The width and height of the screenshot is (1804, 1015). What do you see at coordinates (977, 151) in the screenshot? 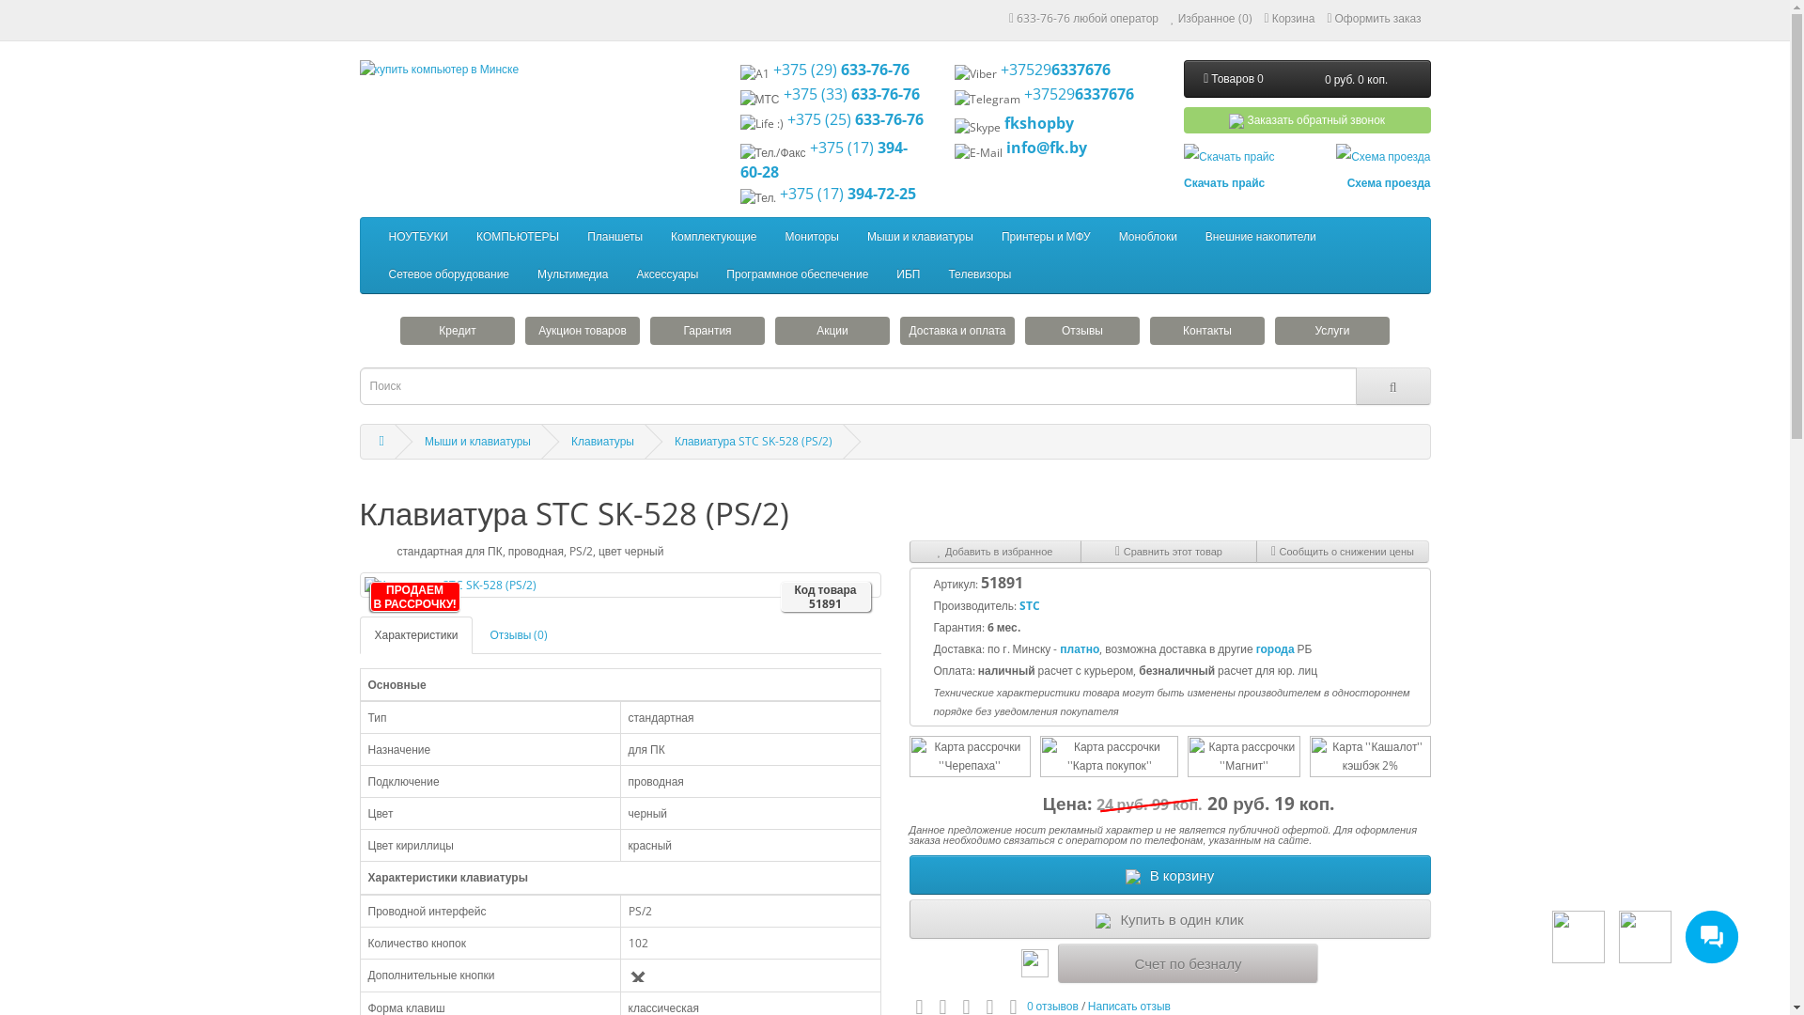
I see `'E-Mail'` at bounding box center [977, 151].